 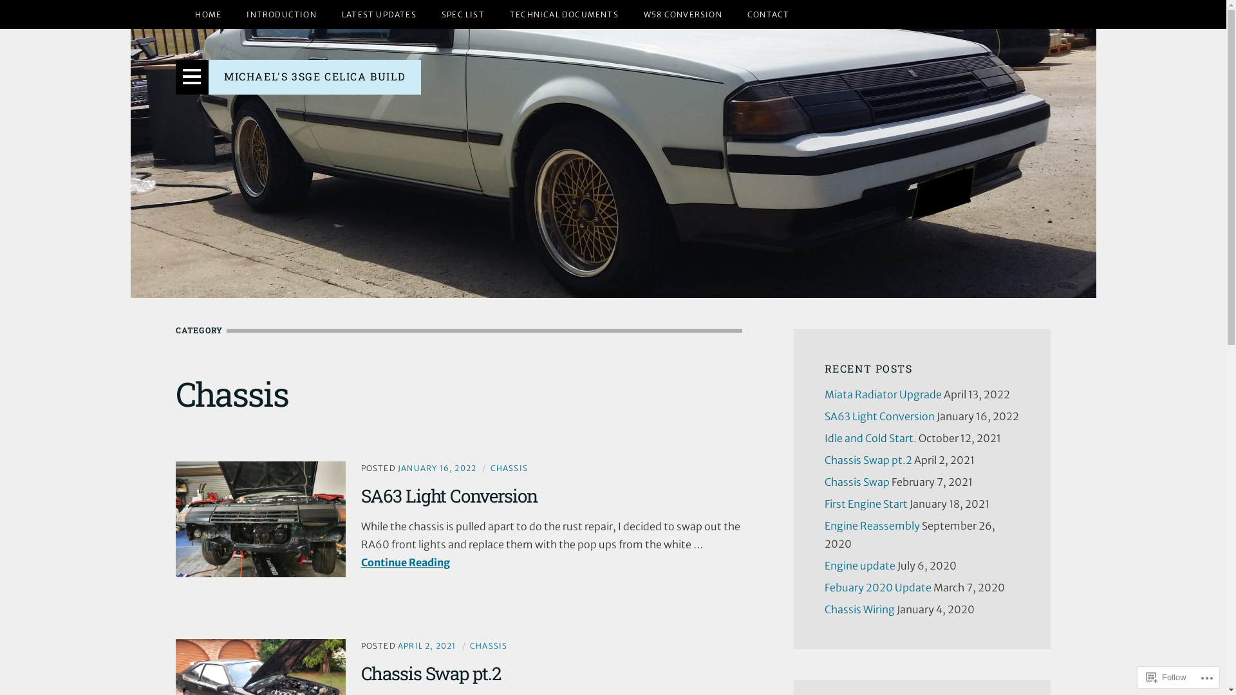 What do you see at coordinates (824, 503) in the screenshot?
I see `'First Engine Start'` at bounding box center [824, 503].